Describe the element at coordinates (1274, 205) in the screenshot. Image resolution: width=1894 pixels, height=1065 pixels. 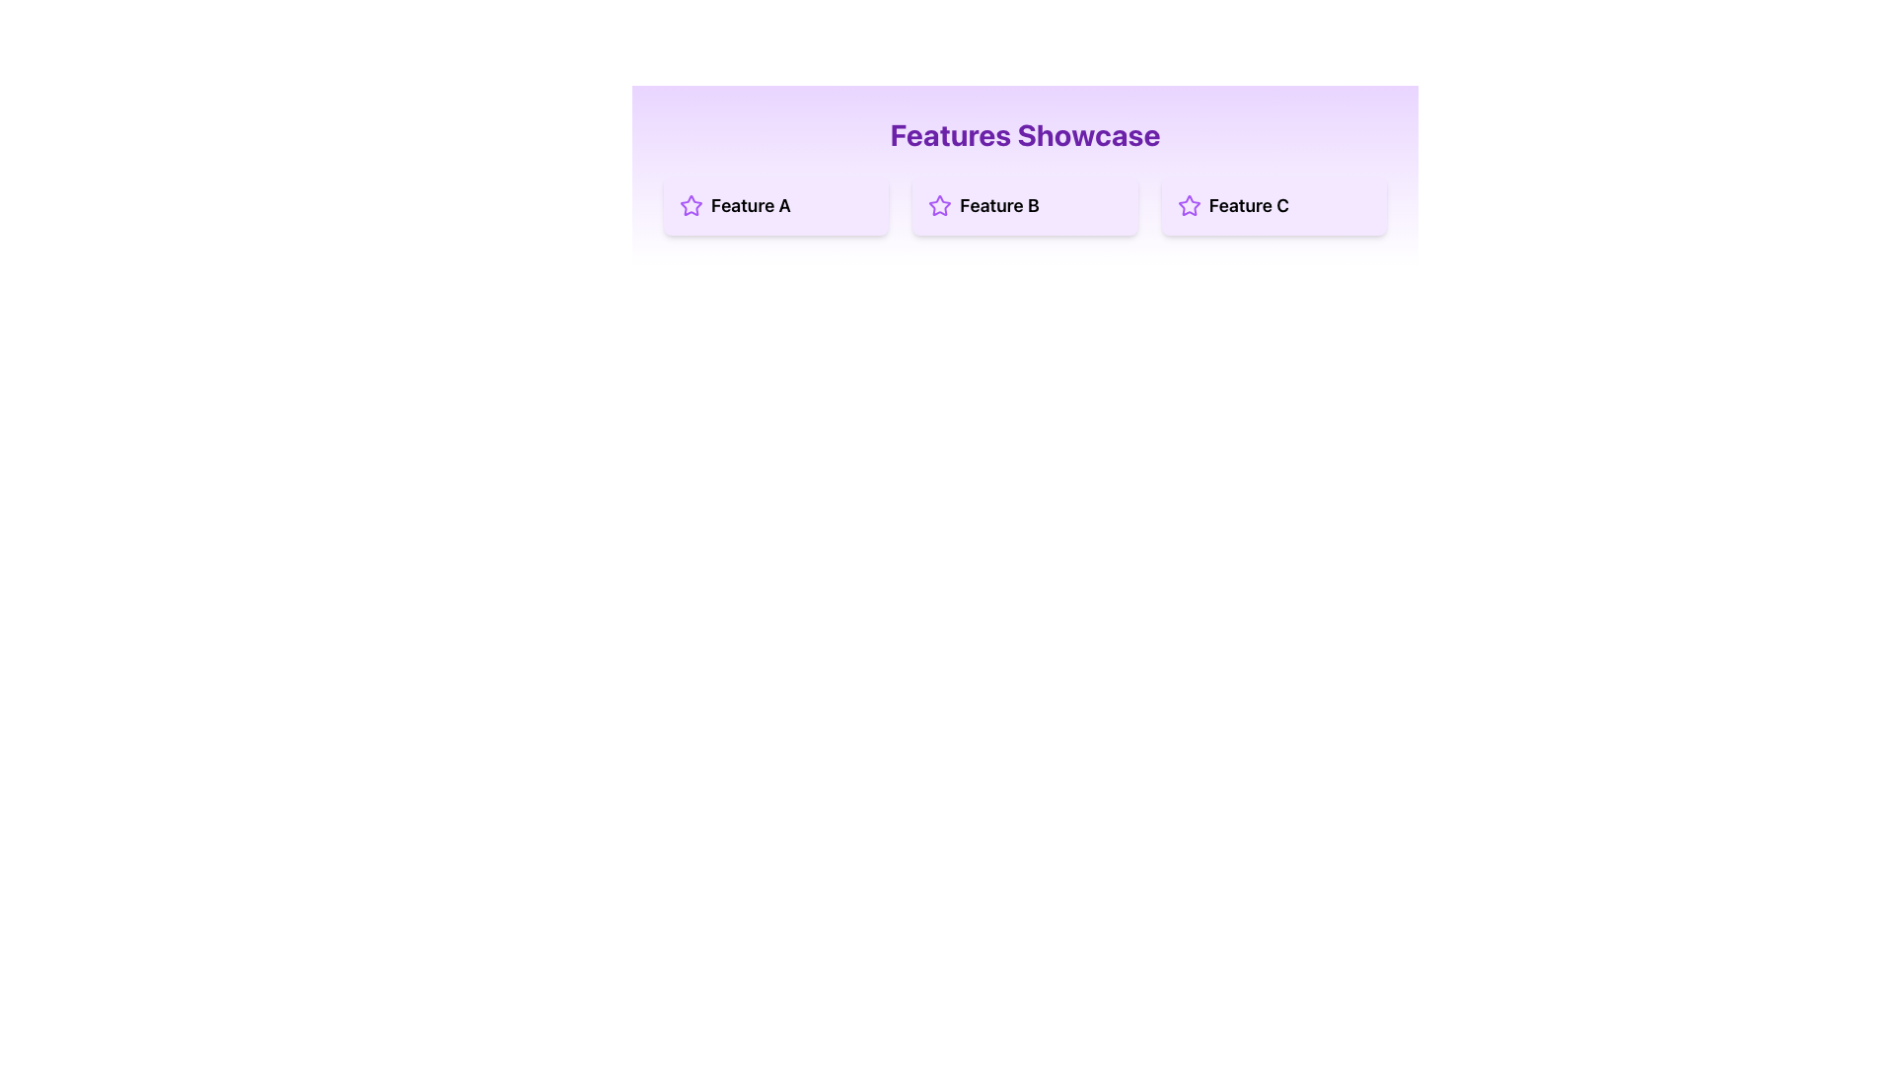
I see `the 'Feature C' text element within the light purple rounded rectangle box for navigation or interaction` at that location.